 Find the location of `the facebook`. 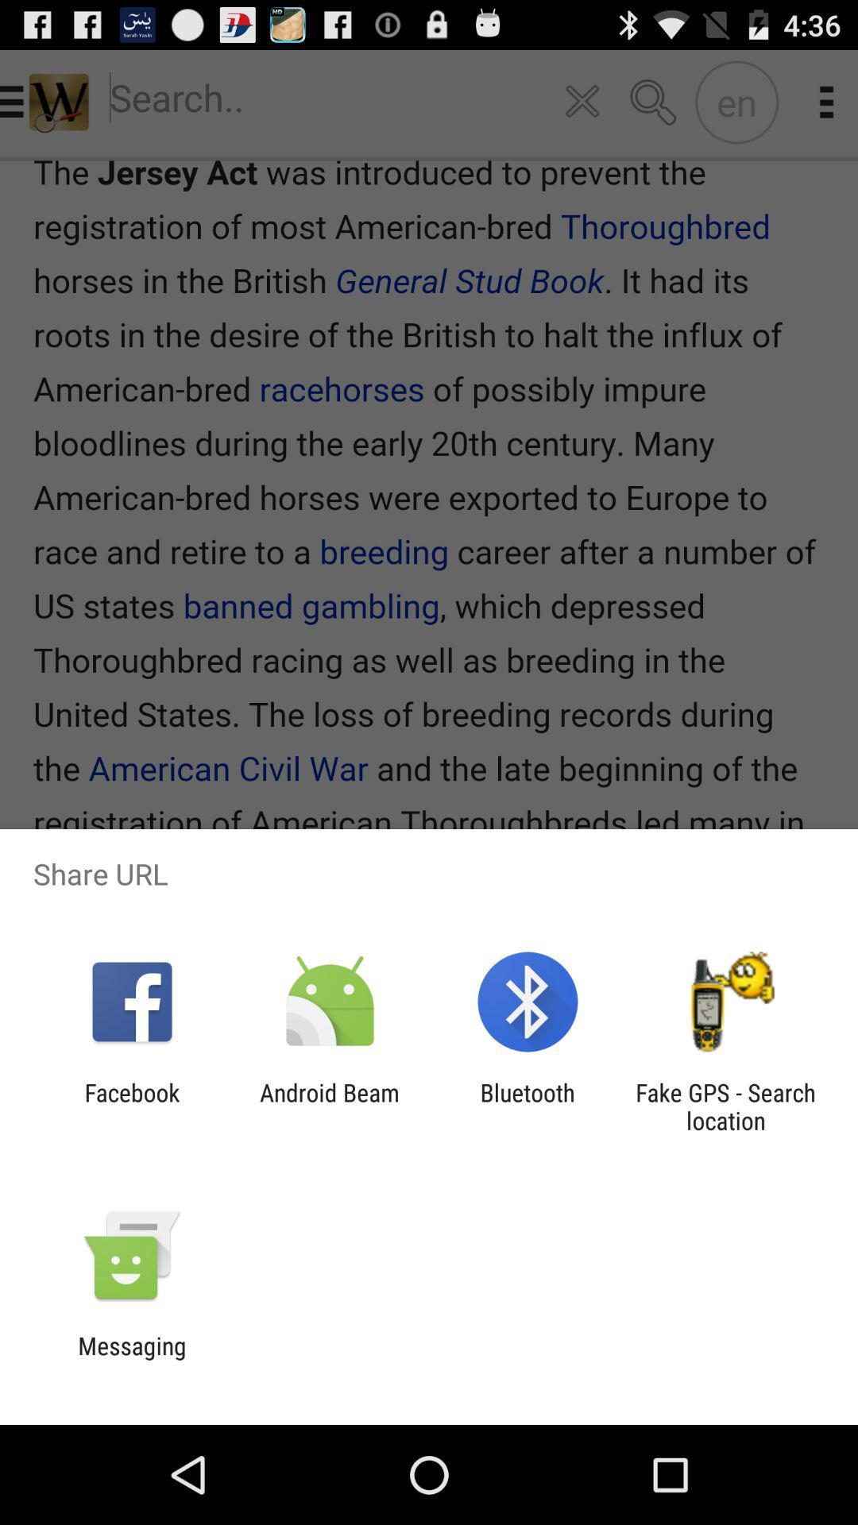

the facebook is located at coordinates (131, 1106).